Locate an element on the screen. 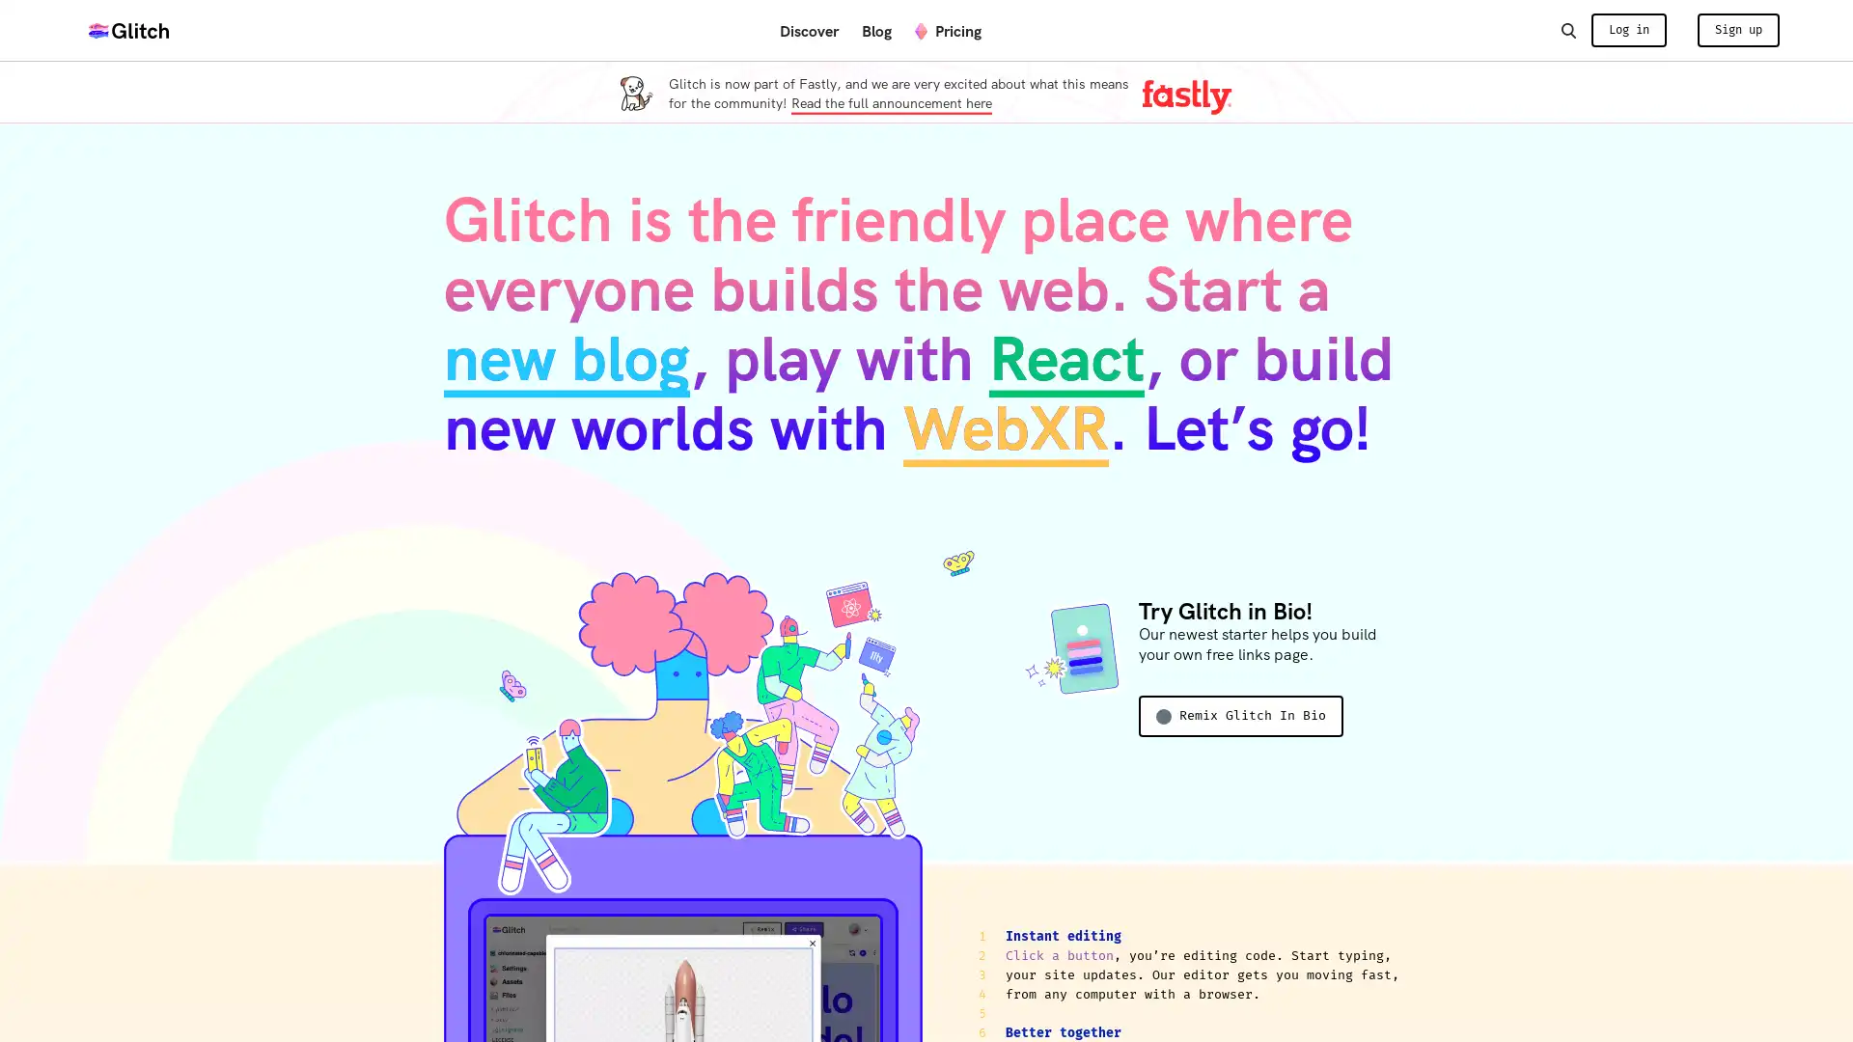 The height and width of the screenshot is (1042, 1853). Search Glitch is located at coordinates (1567, 29).